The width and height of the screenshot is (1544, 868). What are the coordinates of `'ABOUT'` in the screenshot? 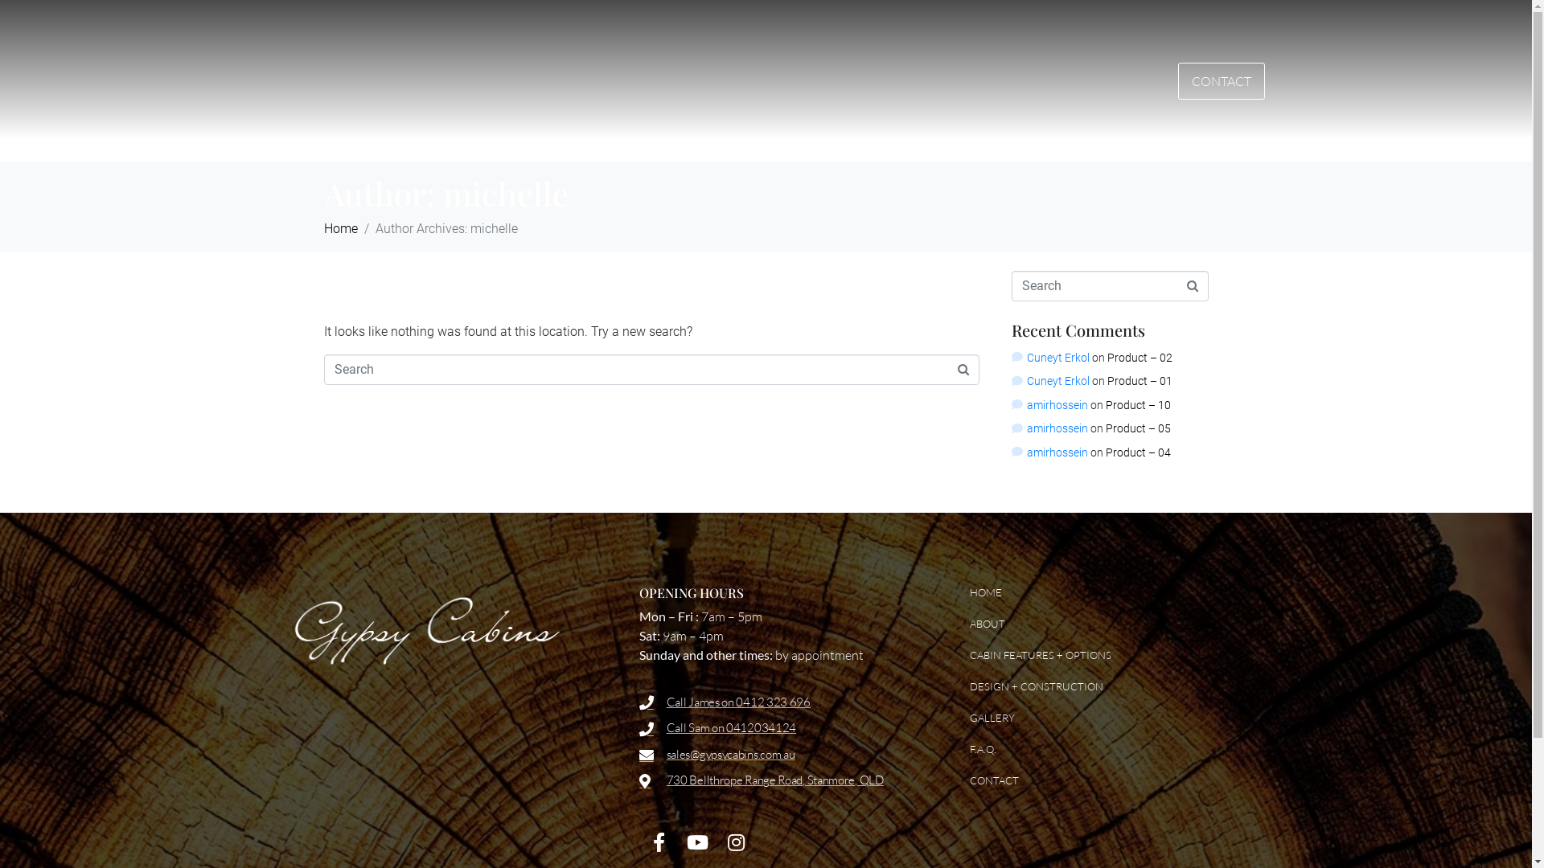 It's located at (968, 623).